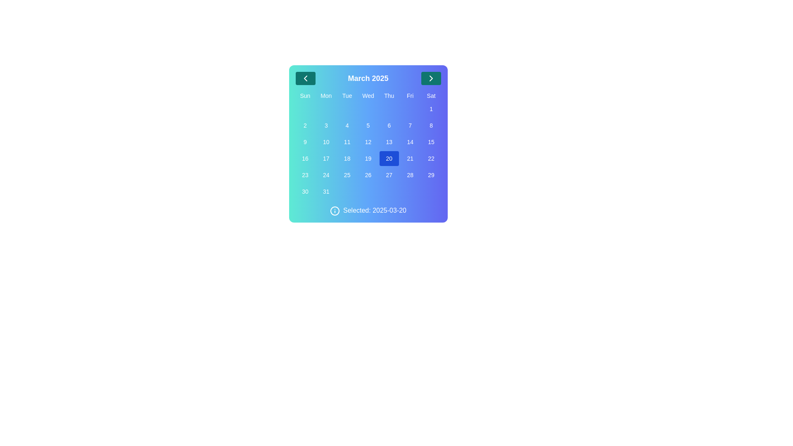 The height and width of the screenshot is (446, 793). What do you see at coordinates (325, 126) in the screenshot?
I see `the square button with rounded corners and light blue background displaying '3', located in the second column of the second row of the March 2025 calendar` at bounding box center [325, 126].